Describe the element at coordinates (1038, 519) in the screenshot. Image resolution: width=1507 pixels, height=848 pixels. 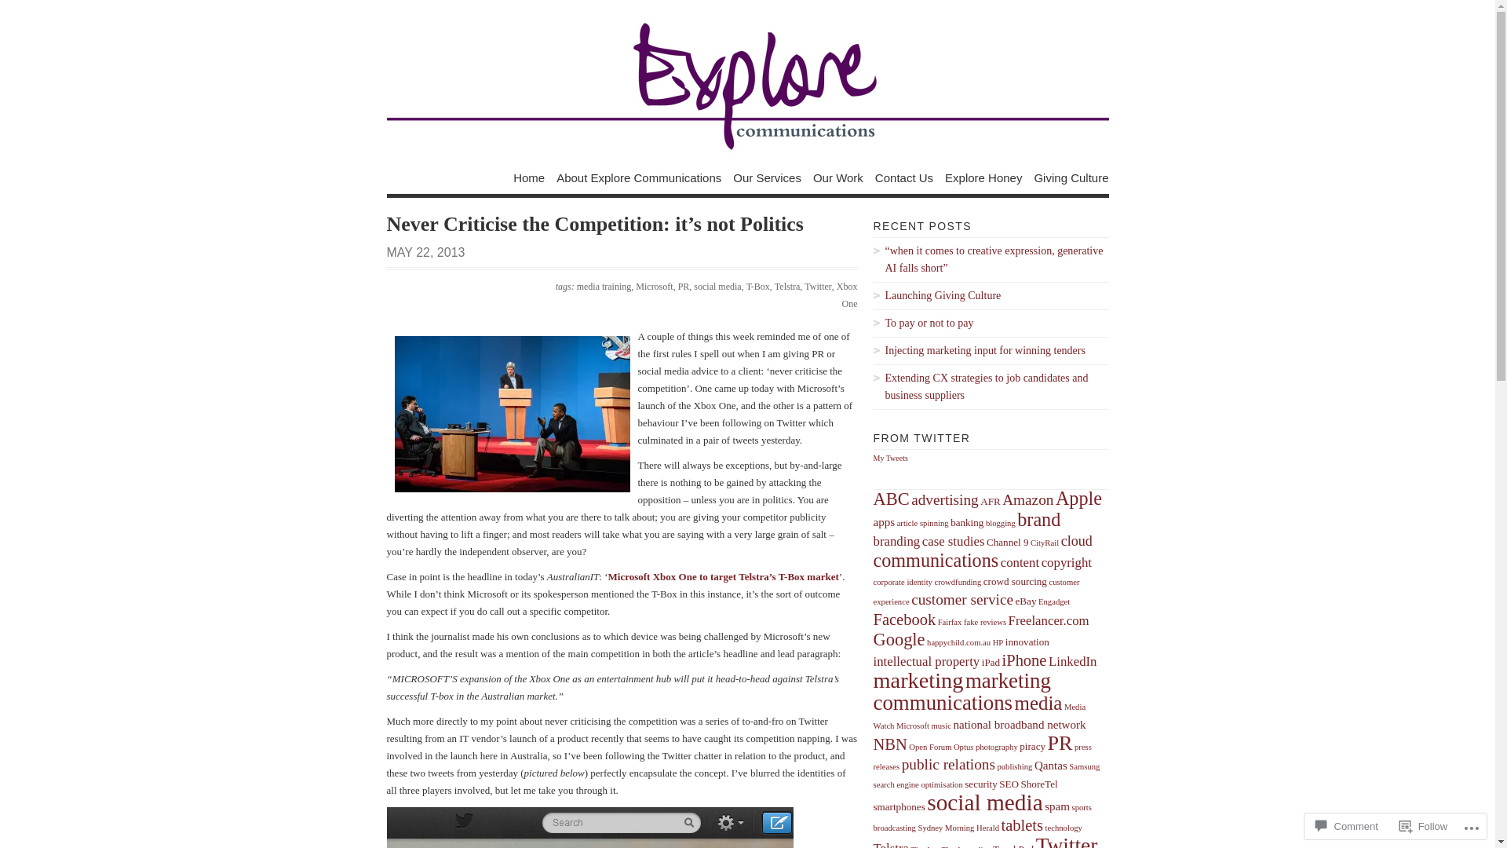
I see `'brand'` at that location.